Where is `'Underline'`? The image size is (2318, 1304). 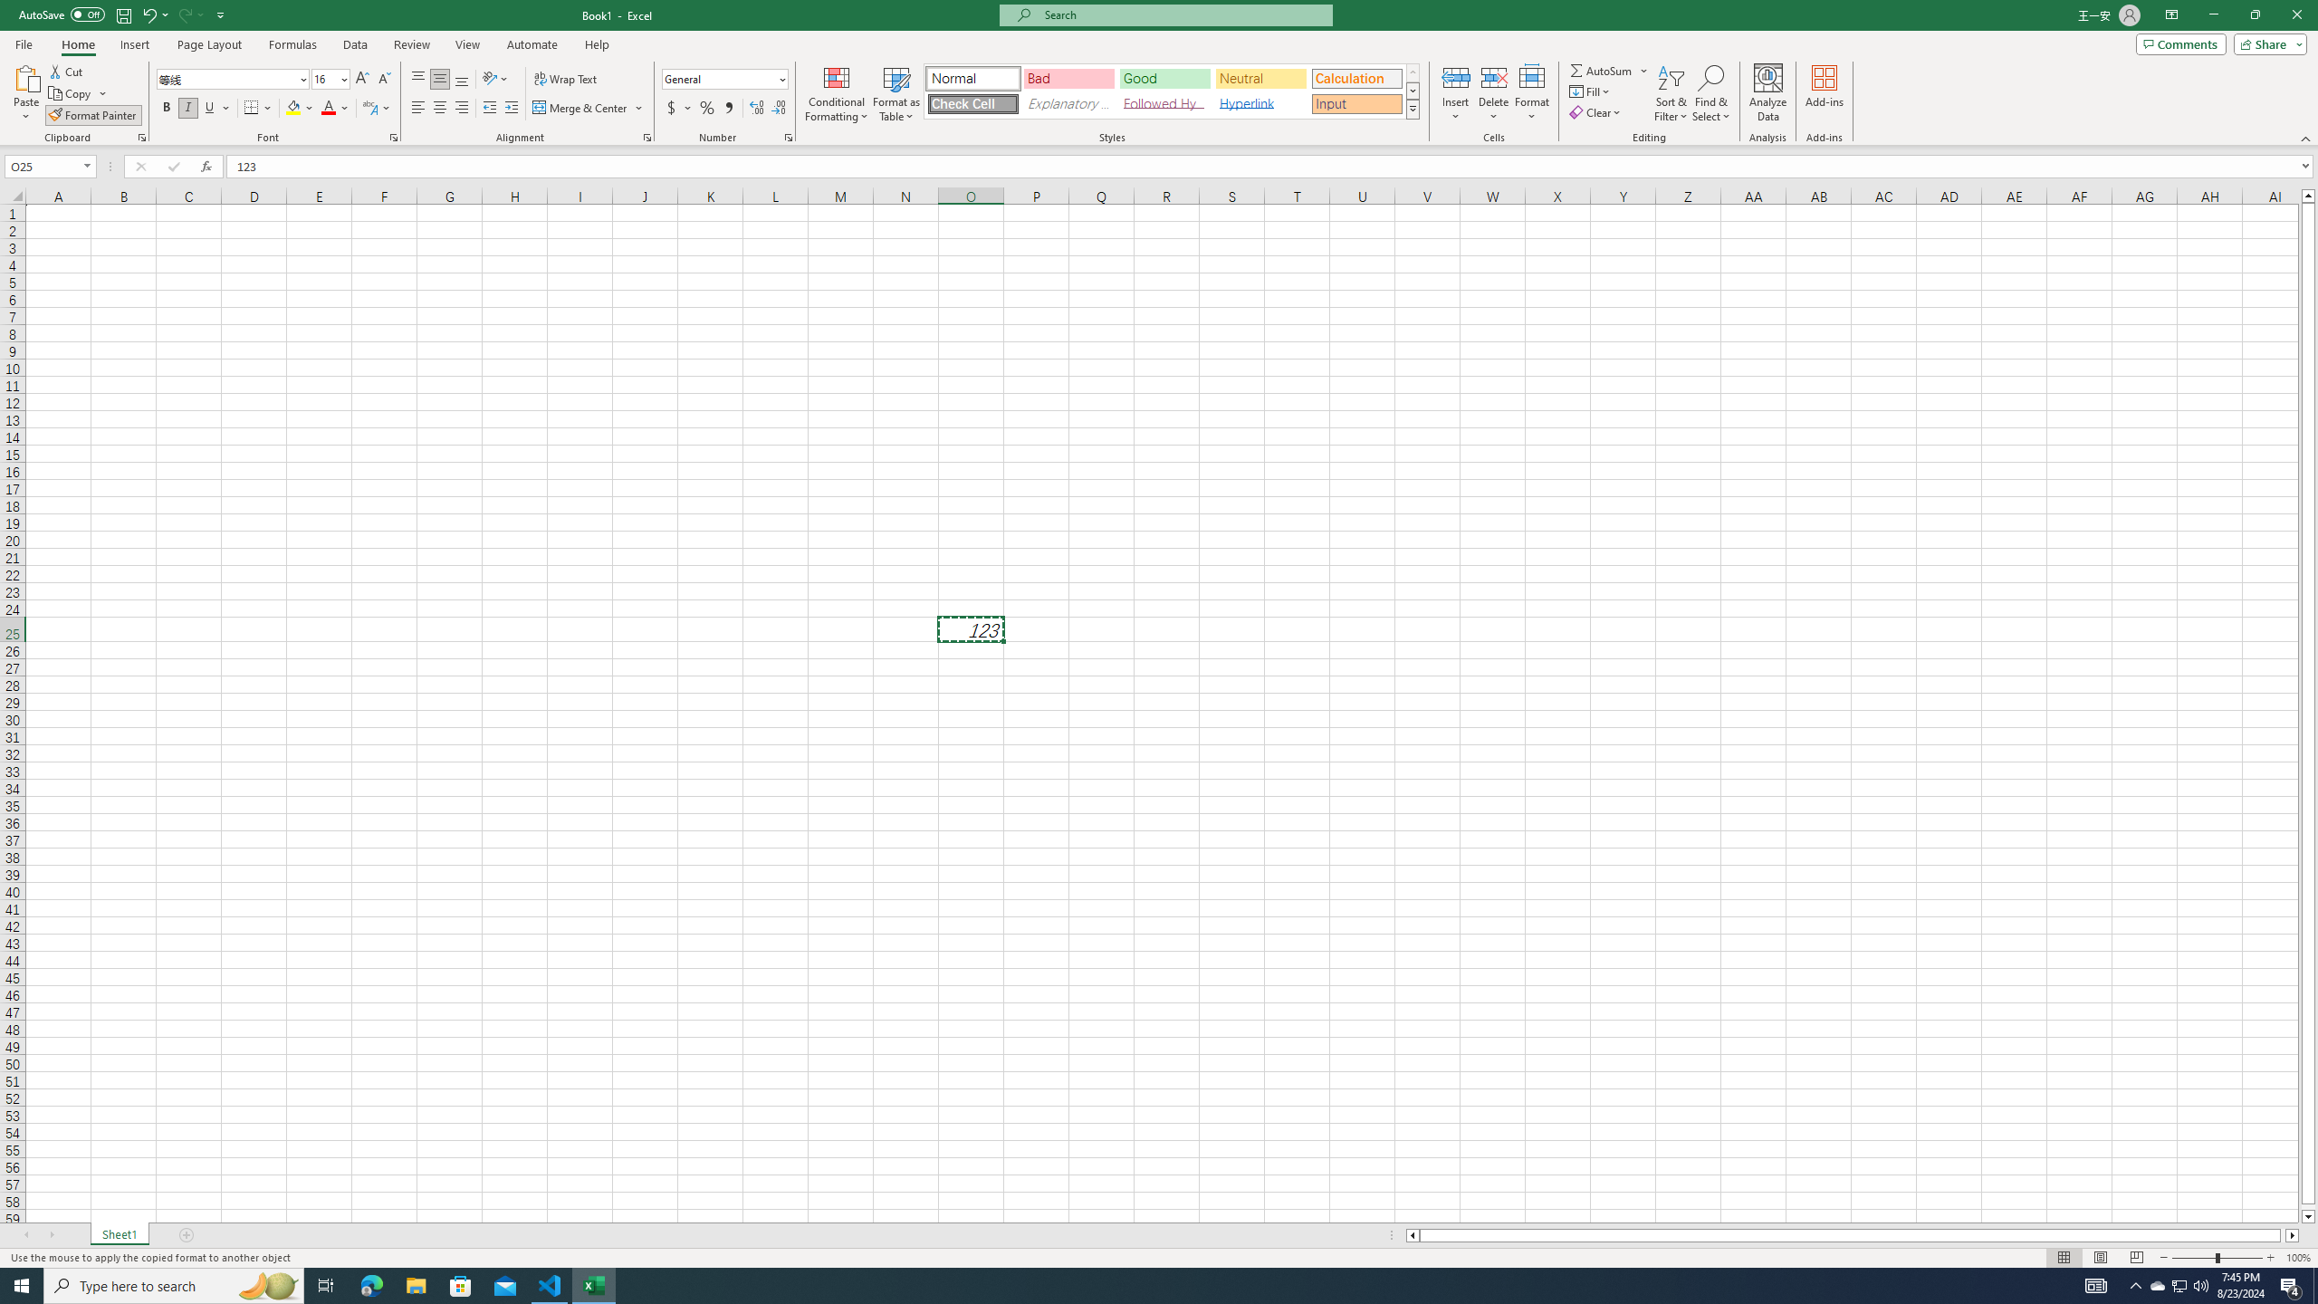
'Underline' is located at coordinates (209, 107).